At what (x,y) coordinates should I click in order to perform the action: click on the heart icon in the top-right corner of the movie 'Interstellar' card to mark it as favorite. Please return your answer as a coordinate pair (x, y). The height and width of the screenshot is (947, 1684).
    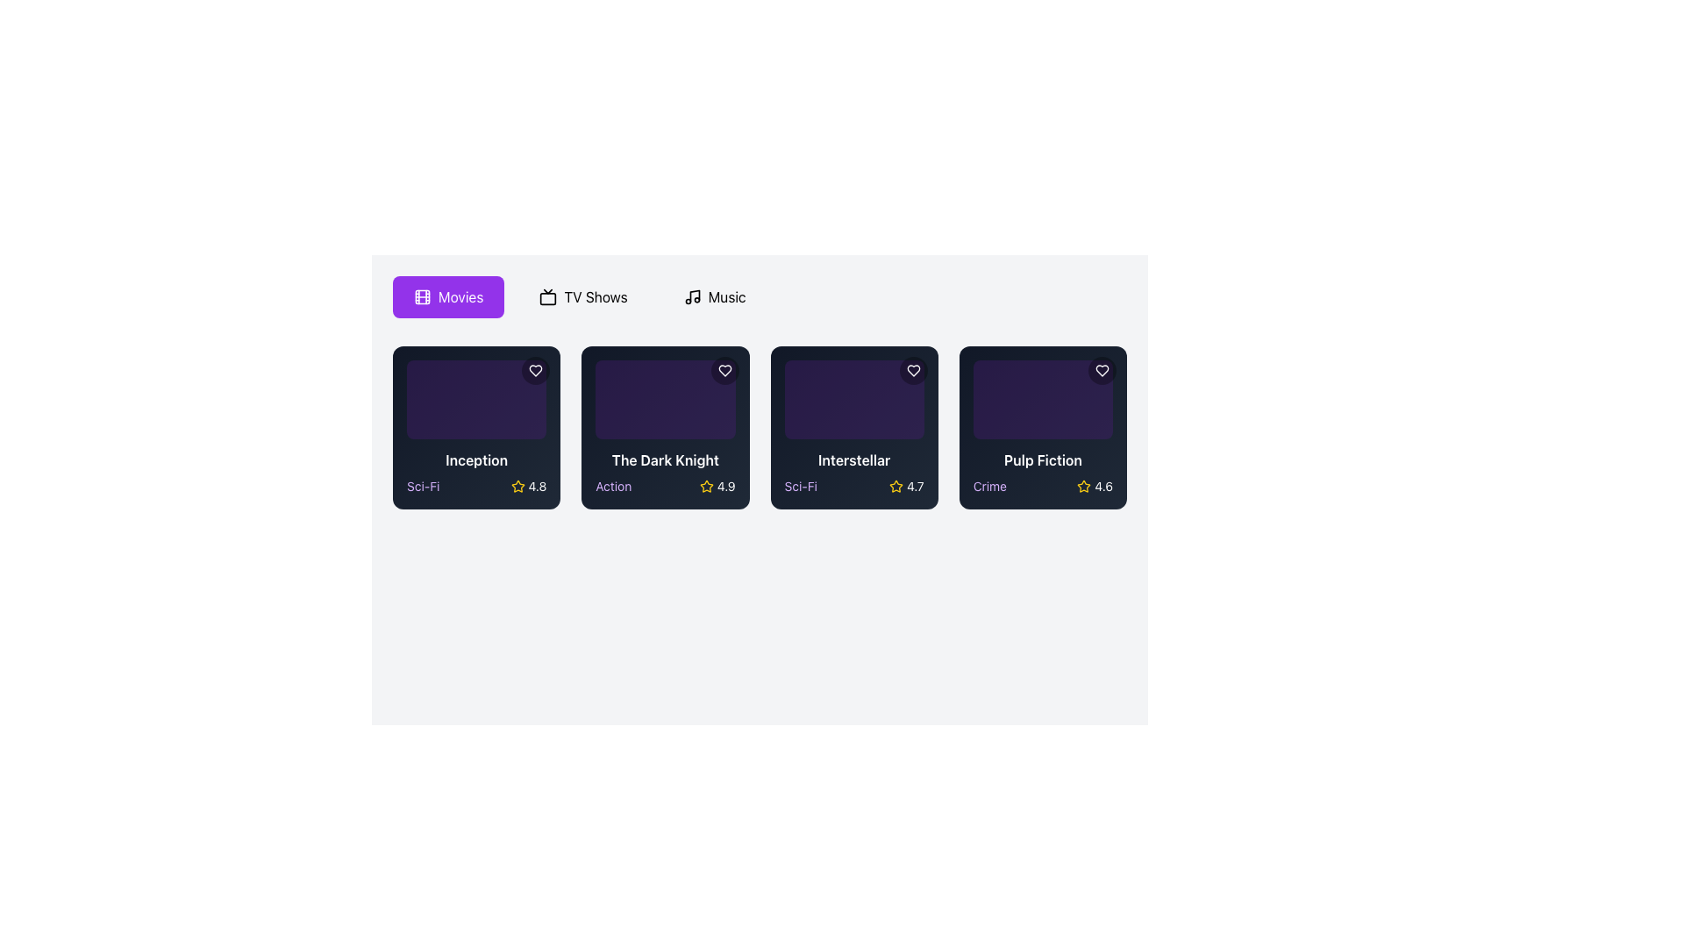
    Looking at the image, I should click on (912, 370).